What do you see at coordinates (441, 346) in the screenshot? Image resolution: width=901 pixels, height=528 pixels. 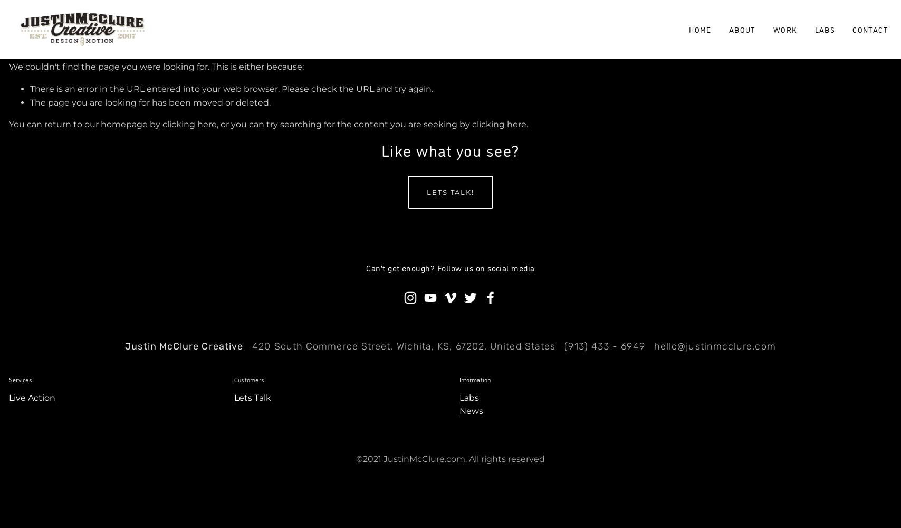 I see `'Wichita, KS, 67202,'` at bounding box center [441, 346].